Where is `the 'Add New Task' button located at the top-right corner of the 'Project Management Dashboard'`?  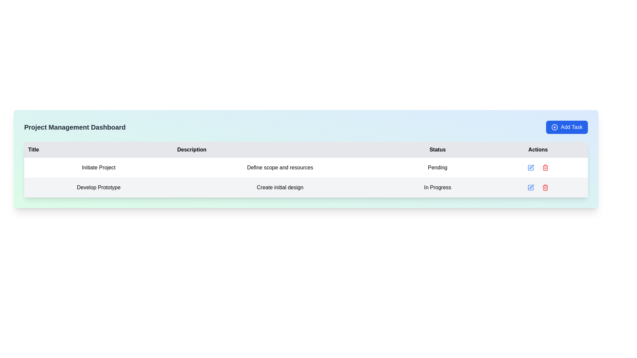
the 'Add New Task' button located at the top-right corner of the 'Project Management Dashboard' is located at coordinates (567, 127).